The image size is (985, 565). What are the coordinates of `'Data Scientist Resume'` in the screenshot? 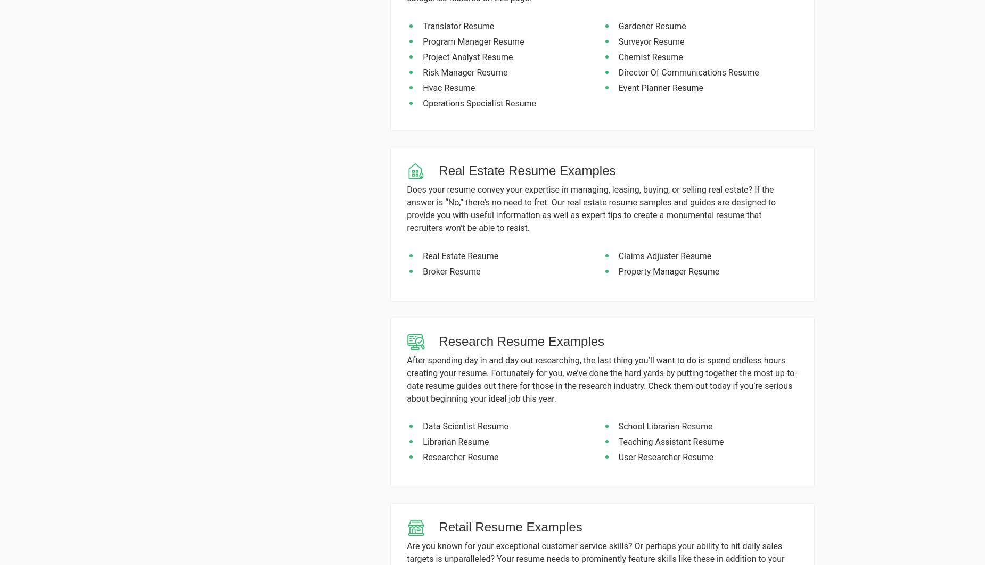 It's located at (465, 426).